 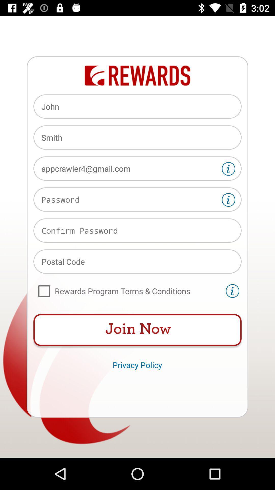 I want to click on item above join now, so click(x=128, y=291).